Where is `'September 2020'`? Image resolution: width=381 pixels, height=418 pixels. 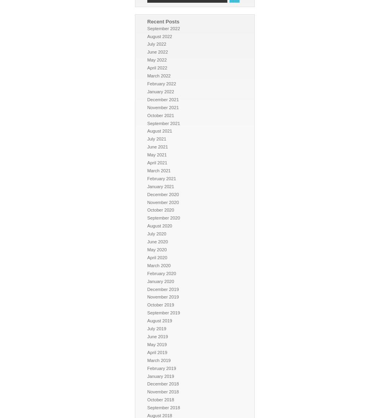
'September 2020' is located at coordinates (163, 218).